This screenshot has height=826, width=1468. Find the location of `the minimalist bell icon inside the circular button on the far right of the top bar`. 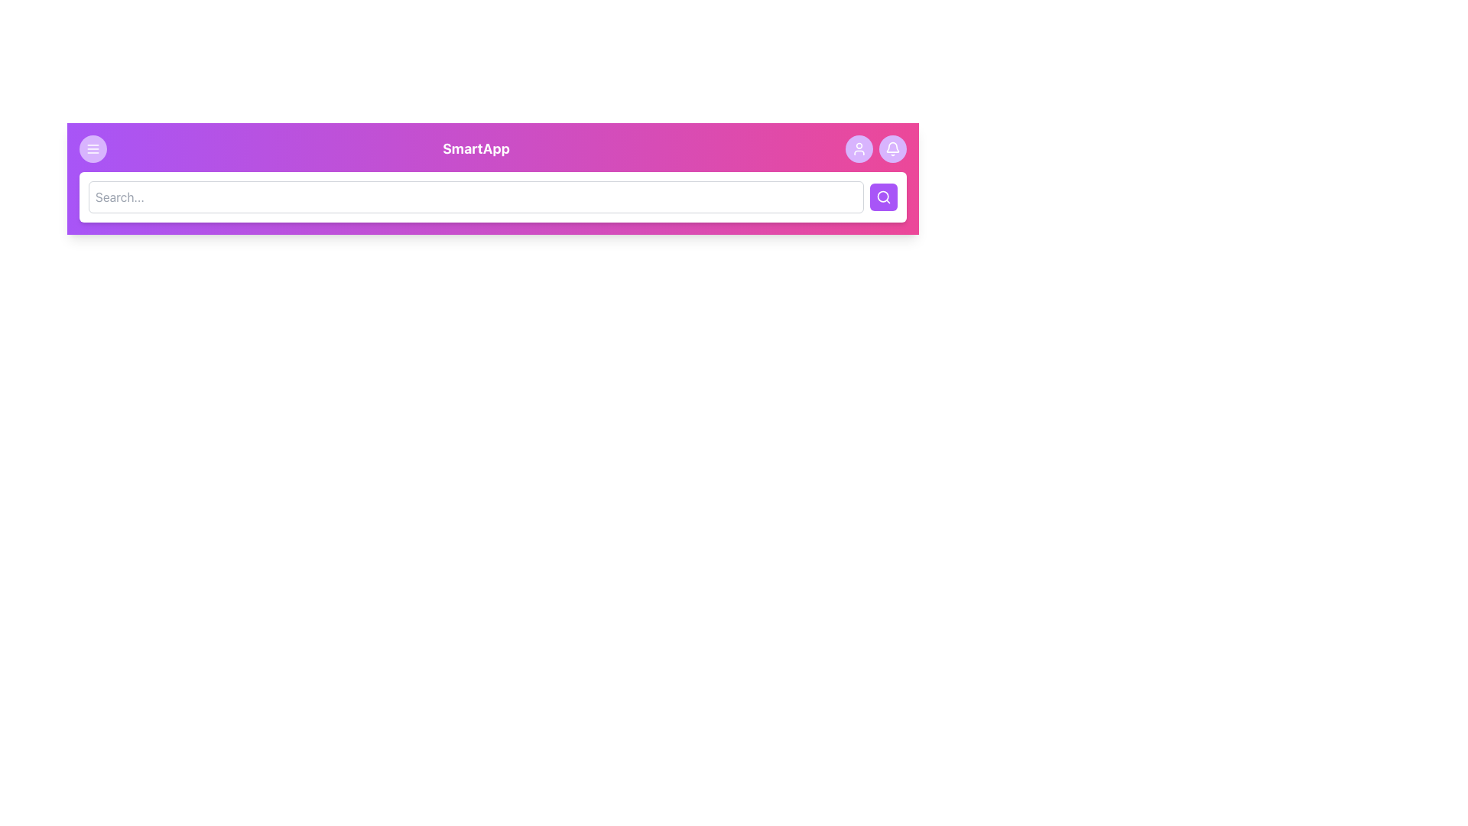

the minimalist bell icon inside the circular button on the far right of the top bar is located at coordinates (892, 149).